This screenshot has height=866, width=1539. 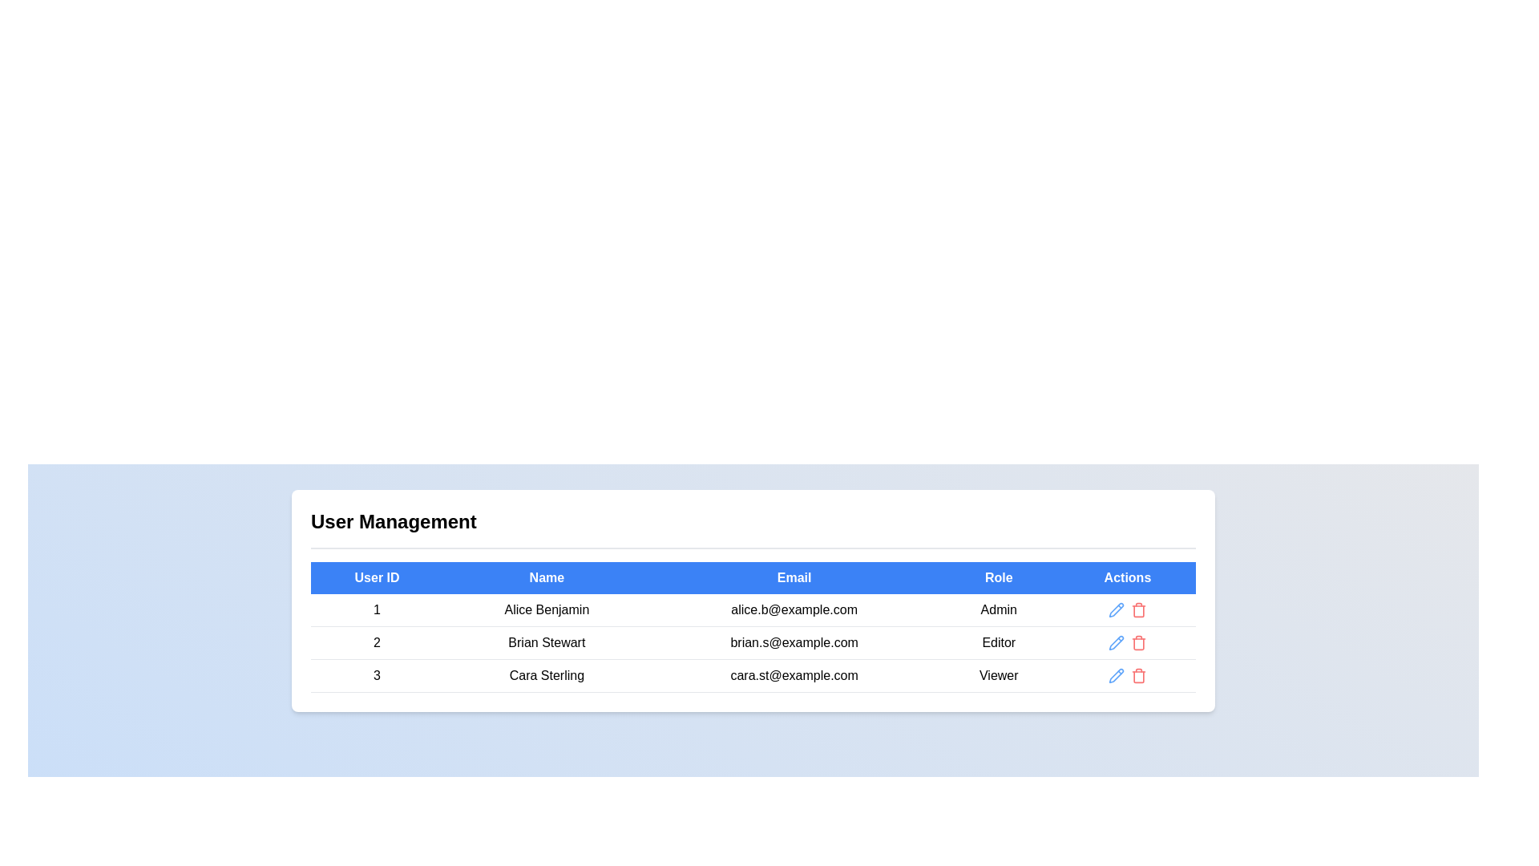 What do you see at coordinates (376, 676) in the screenshot?
I see `the Text label representing the User ID in the third row of the User Management table, located in the first column, immediately to the left of 'Cara Sterling'` at bounding box center [376, 676].